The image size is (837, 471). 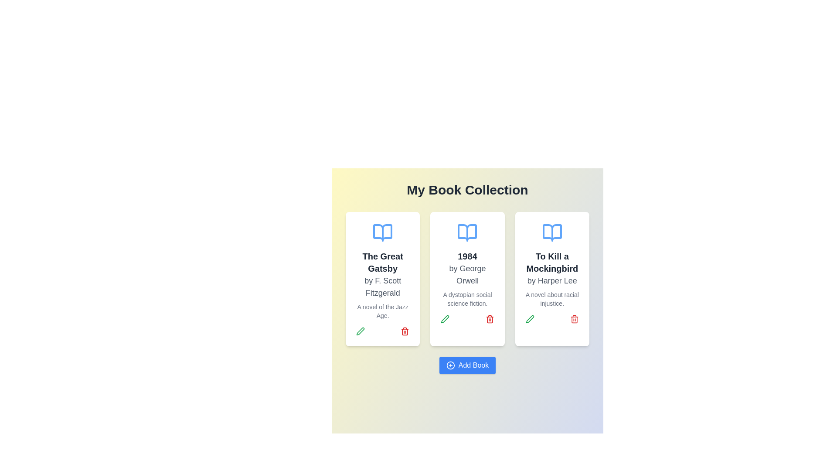 What do you see at coordinates (467, 189) in the screenshot?
I see `the bold heading 'My Book Collection' which is centered at the top of the interface and displayed in large font with a black color on a gradient background` at bounding box center [467, 189].